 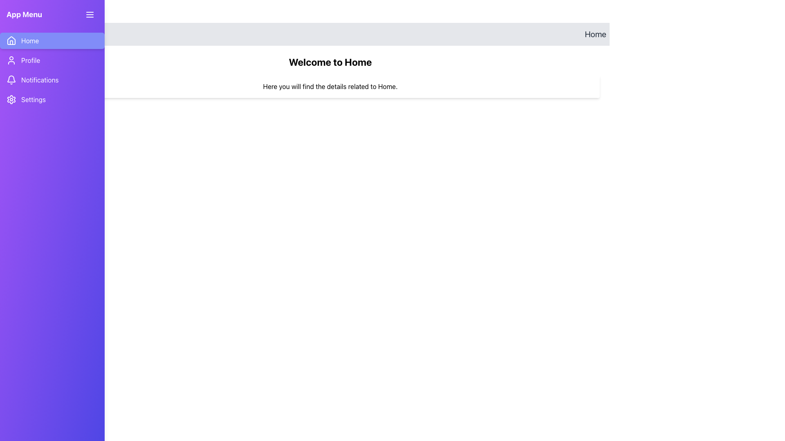 I want to click on the bold header text element that reads 'Welcome to Home', which is prominently placed at the top of the main content area, so click(x=330, y=61).